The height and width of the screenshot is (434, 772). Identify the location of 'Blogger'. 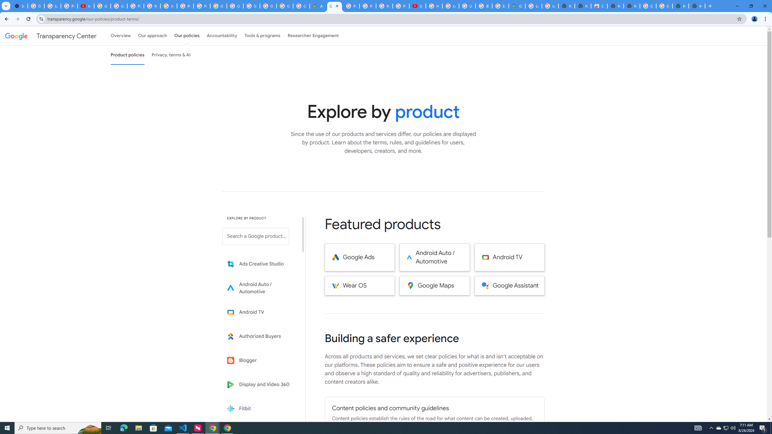
(260, 360).